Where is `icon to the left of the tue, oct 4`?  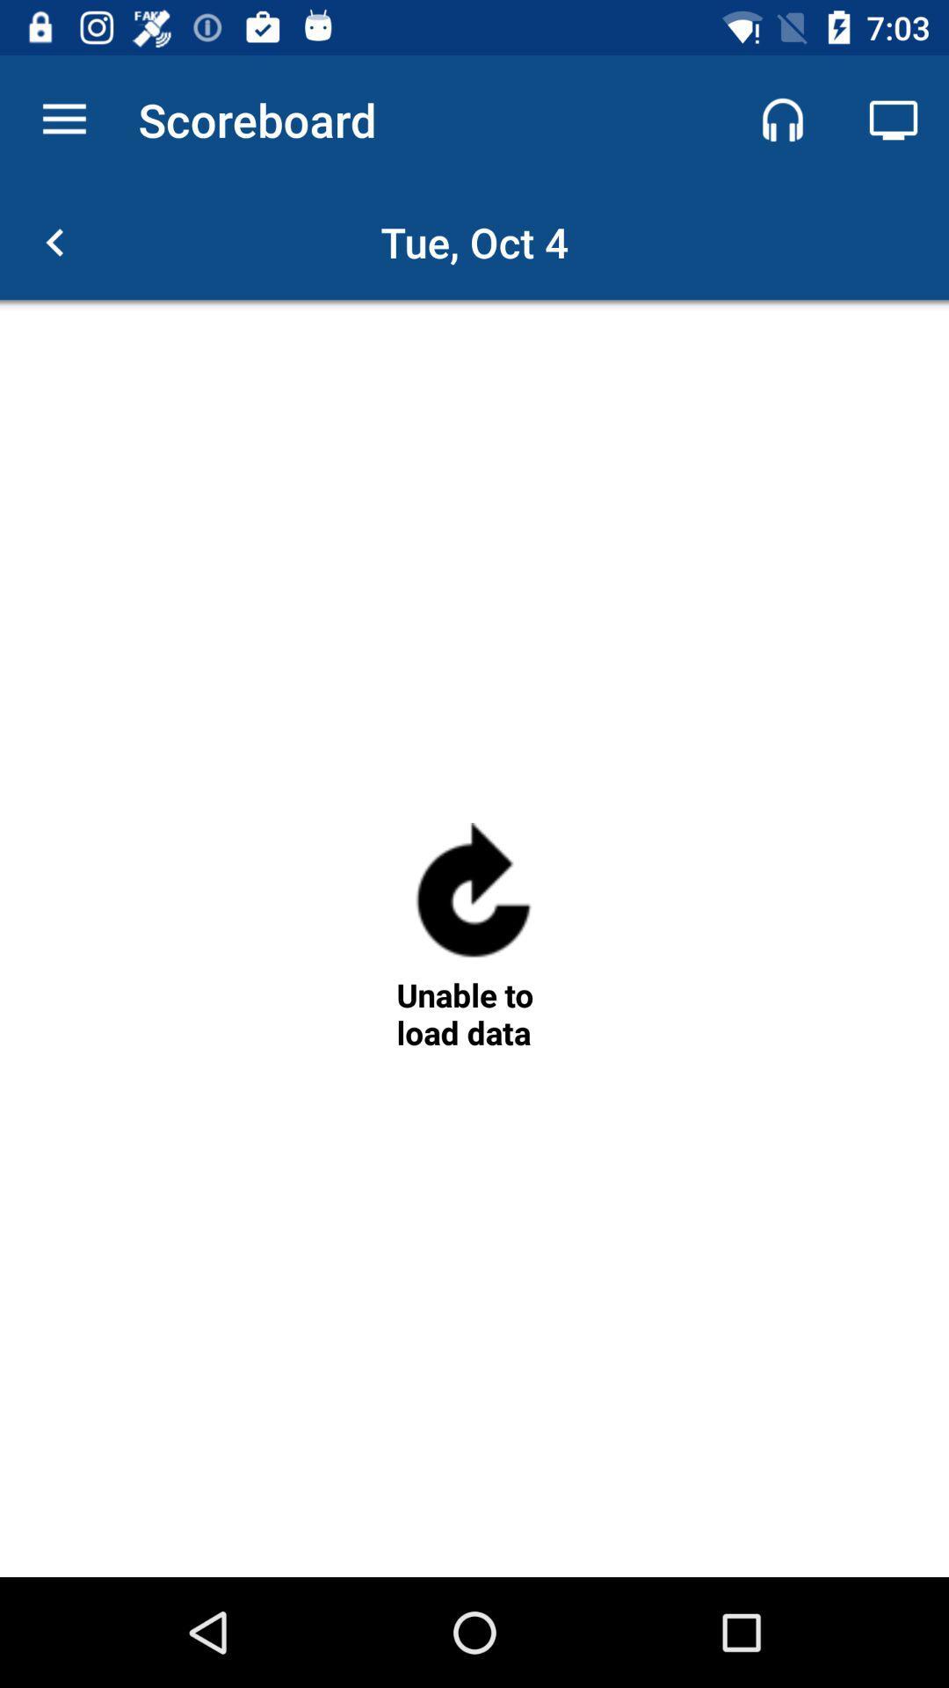 icon to the left of the tue, oct 4 is located at coordinates (54, 241).